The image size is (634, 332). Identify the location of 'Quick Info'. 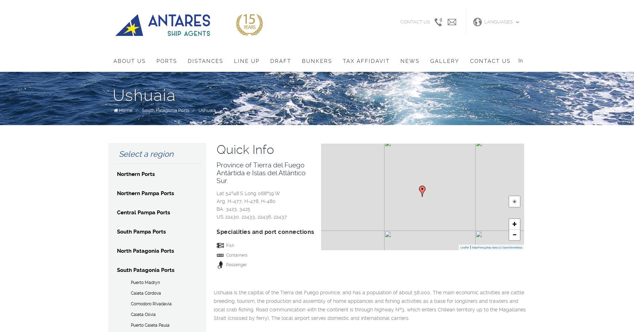
(245, 149).